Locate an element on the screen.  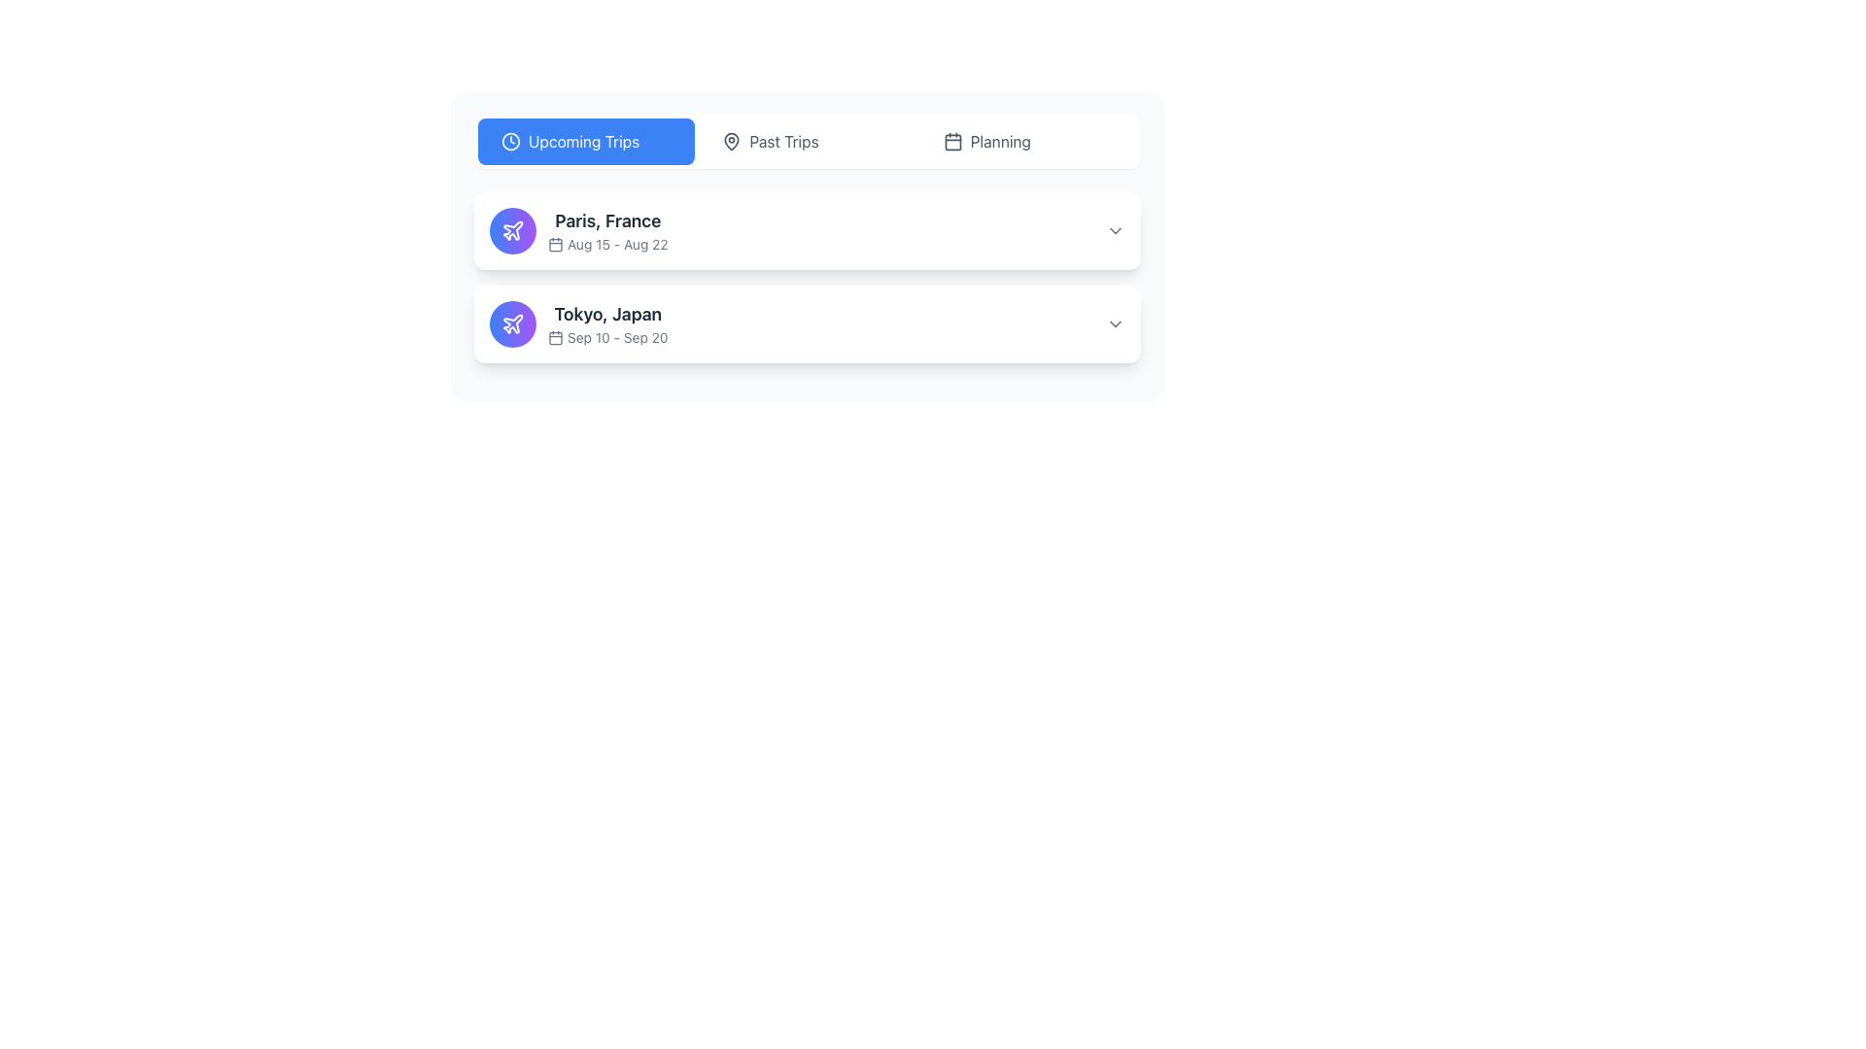
name of the destination displayed in the second item of the vertical list of trip destinations, located above the date text 'Sep 10 - Sep 20' is located at coordinates (606, 314).